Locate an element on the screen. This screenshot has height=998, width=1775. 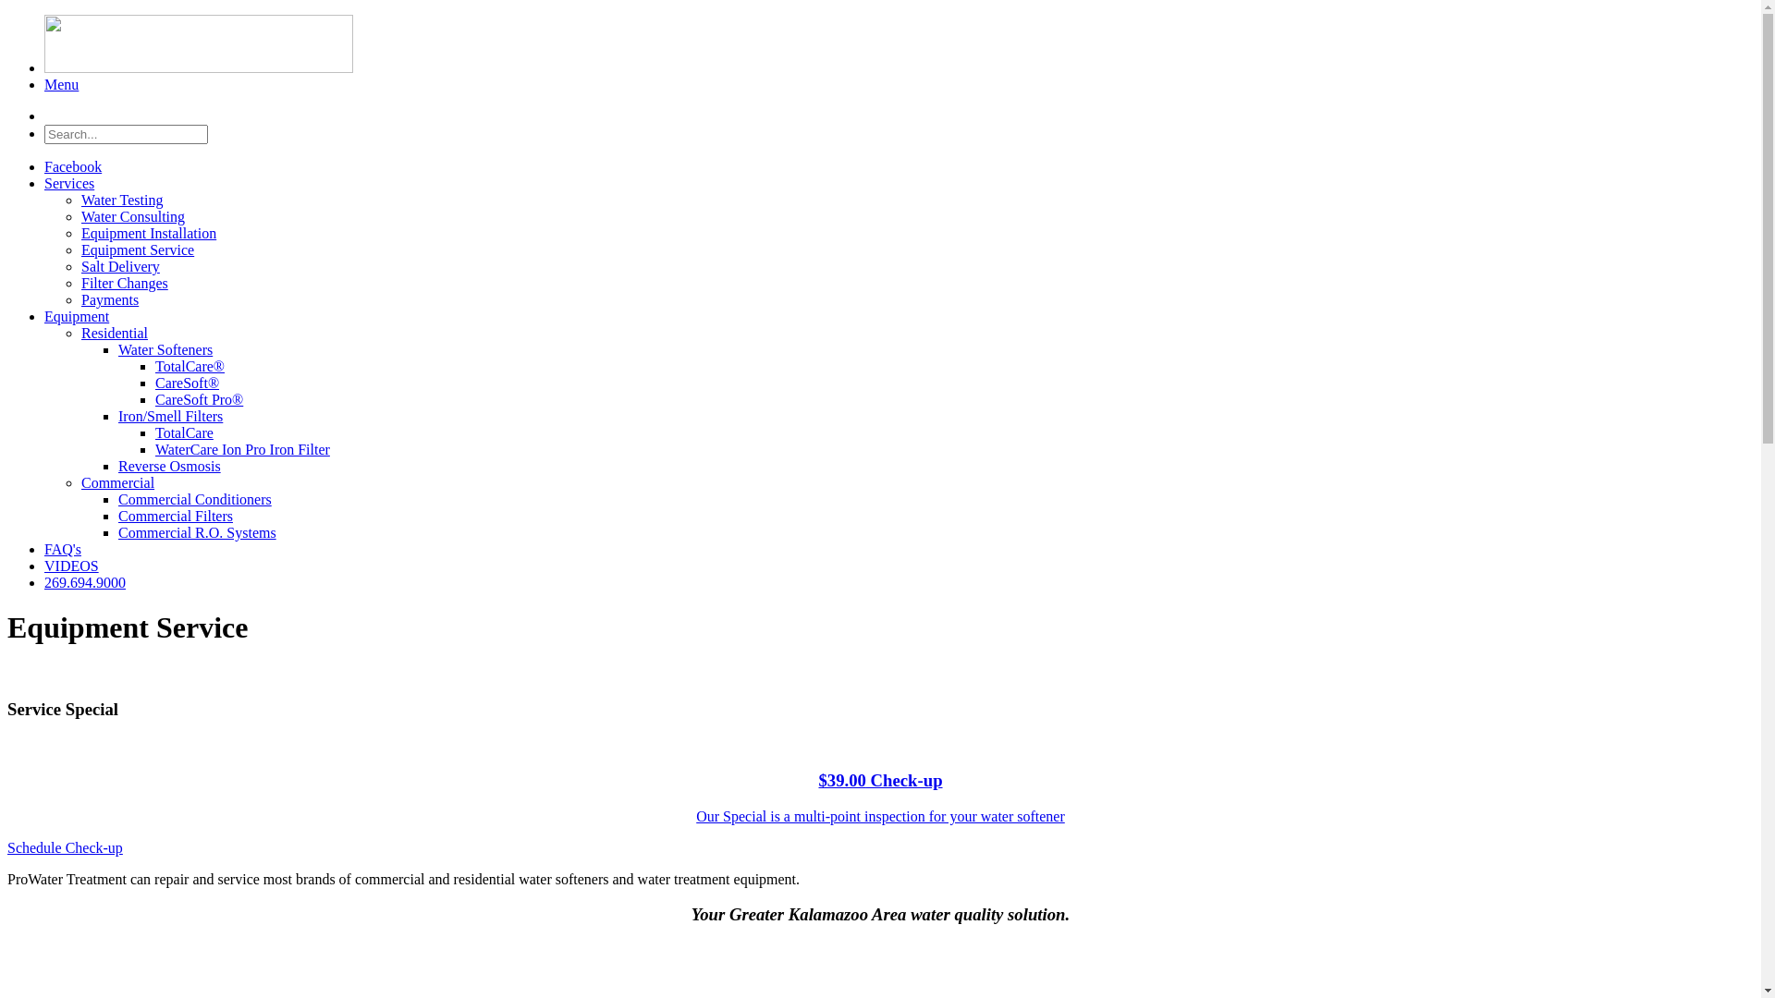
'FAQ's' is located at coordinates (62, 548).